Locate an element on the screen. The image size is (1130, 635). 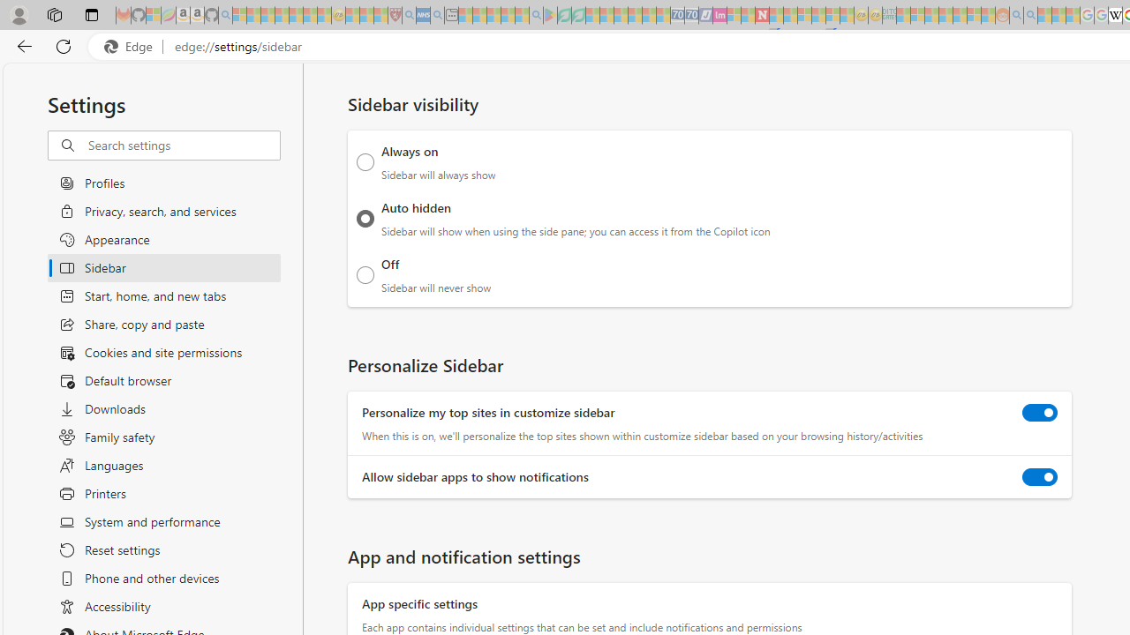
'Kinda Frugal - MSN - Sleeping' is located at coordinates (959, 15).